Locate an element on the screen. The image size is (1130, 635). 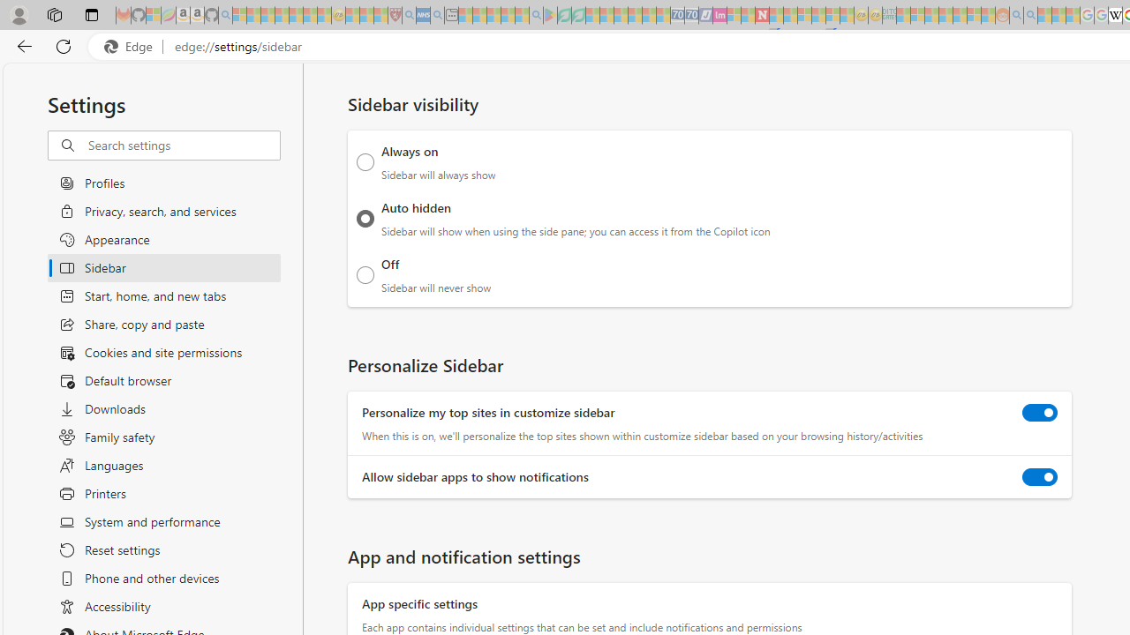
'Kinda Frugal - MSN - Sleeping' is located at coordinates (959, 15).